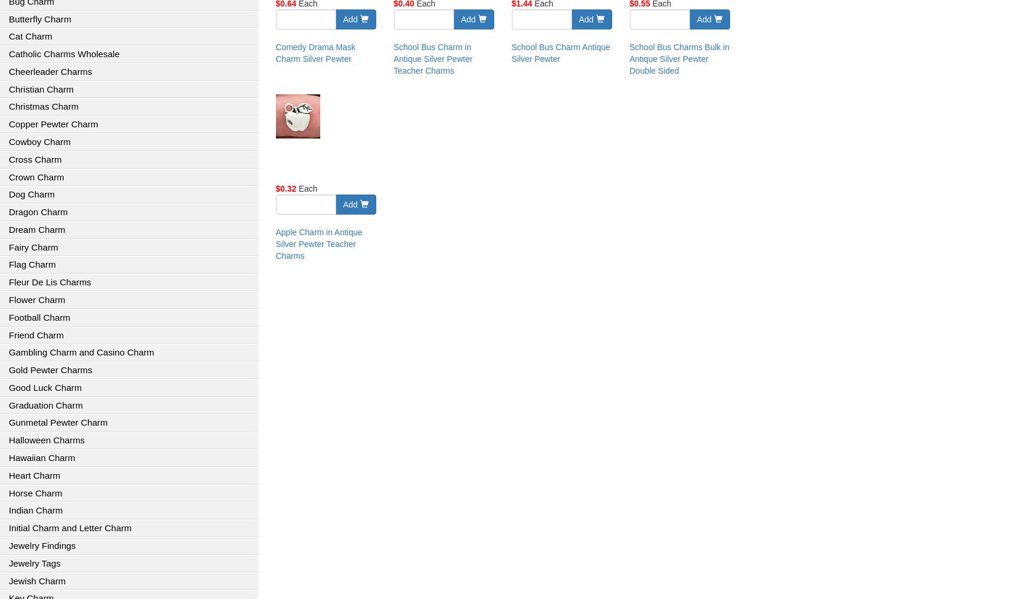 Image resolution: width=1032 pixels, height=599 pixels. What do you see at coordinates (36, 580) in the screenshot?
I see `'Jewish Charm'` at bounding box center [36, 580].